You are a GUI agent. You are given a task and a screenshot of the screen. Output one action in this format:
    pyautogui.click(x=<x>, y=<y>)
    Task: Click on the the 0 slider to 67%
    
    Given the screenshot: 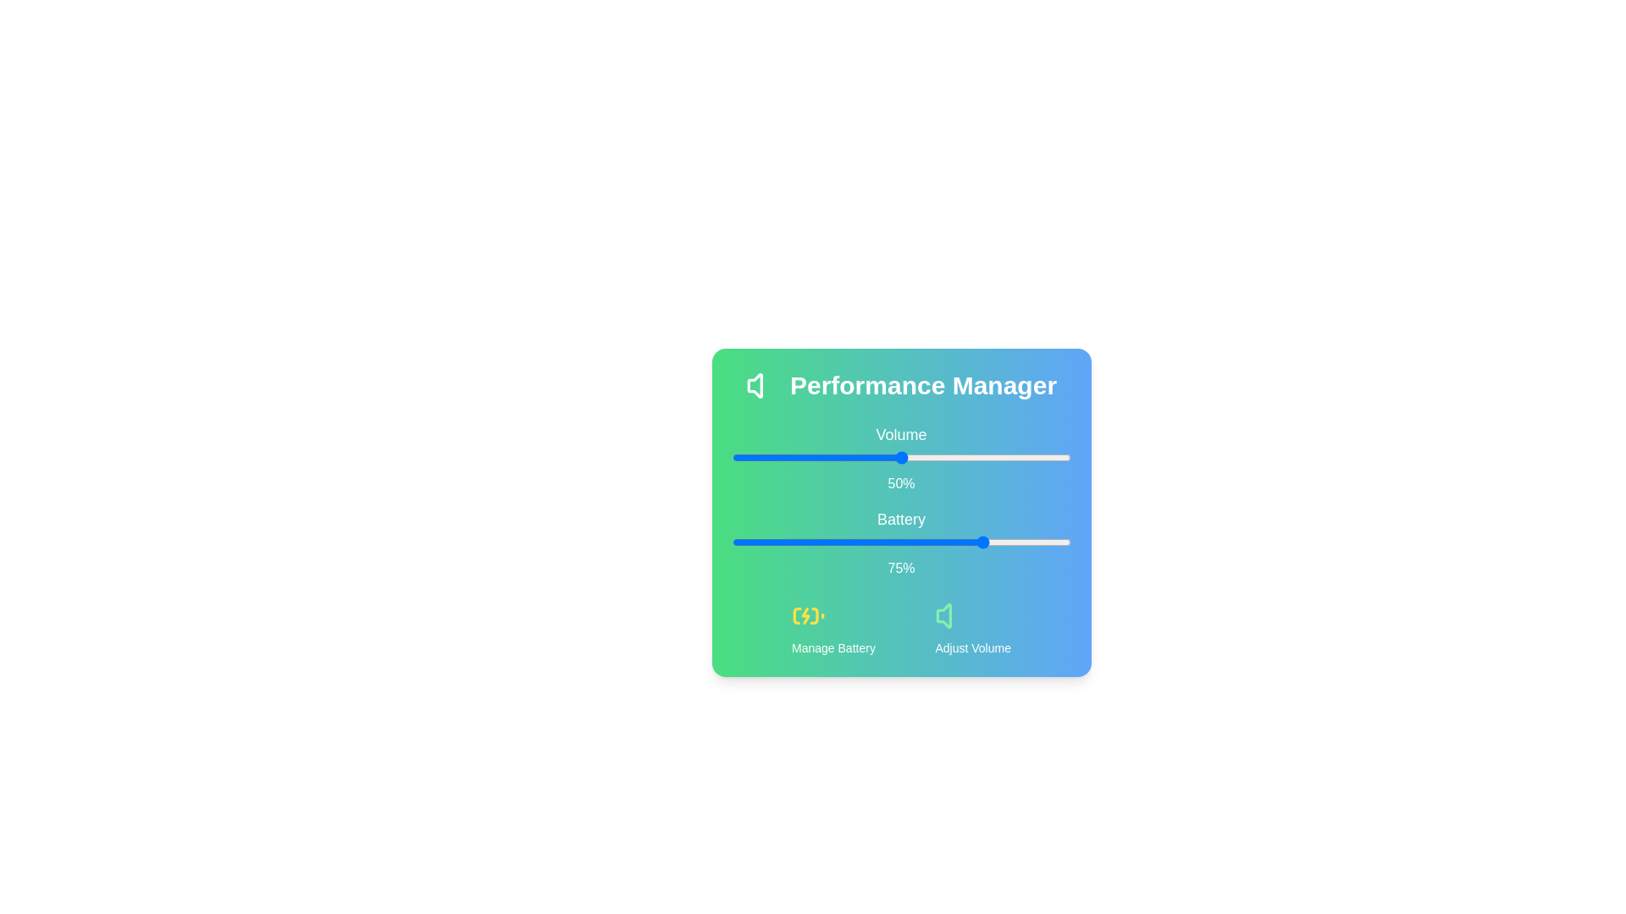 What is the action you would take?
    pyautogui.click(x=959, y=457)
    